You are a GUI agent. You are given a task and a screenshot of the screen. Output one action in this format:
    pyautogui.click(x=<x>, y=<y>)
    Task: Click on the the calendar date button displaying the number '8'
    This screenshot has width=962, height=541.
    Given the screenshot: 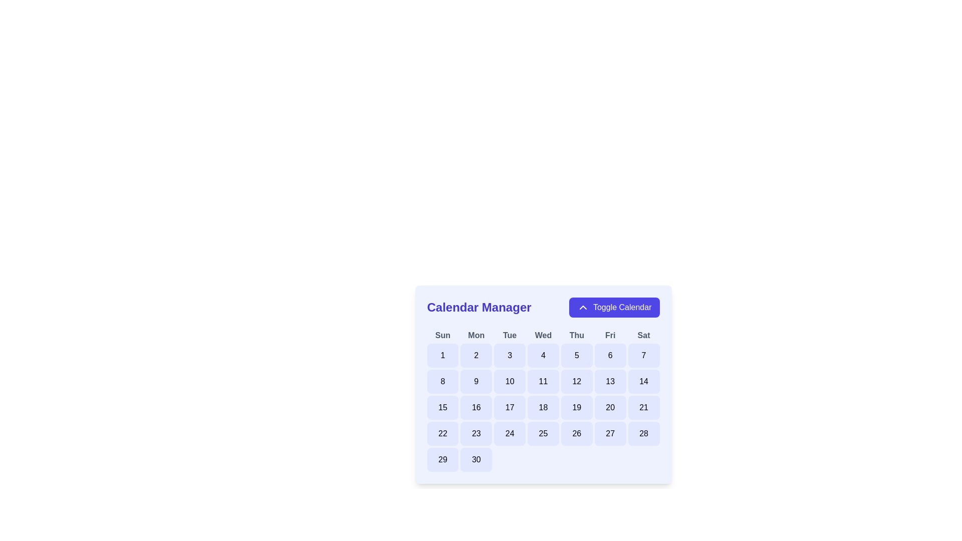 What is the action you would take?
    pyautogui.click(x=442, y=382)
    